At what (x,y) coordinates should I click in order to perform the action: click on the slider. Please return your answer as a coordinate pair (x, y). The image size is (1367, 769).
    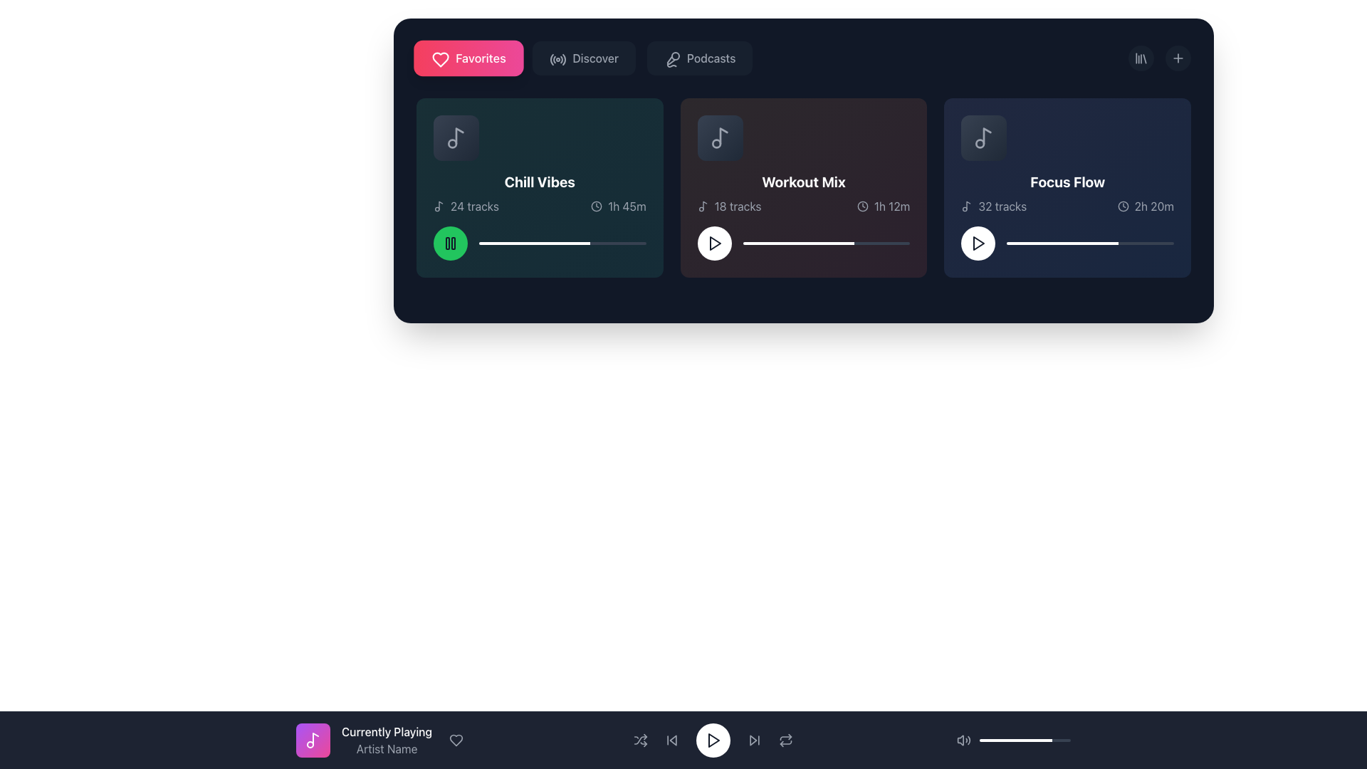
    Looking at the image, I should click on (572, 243).